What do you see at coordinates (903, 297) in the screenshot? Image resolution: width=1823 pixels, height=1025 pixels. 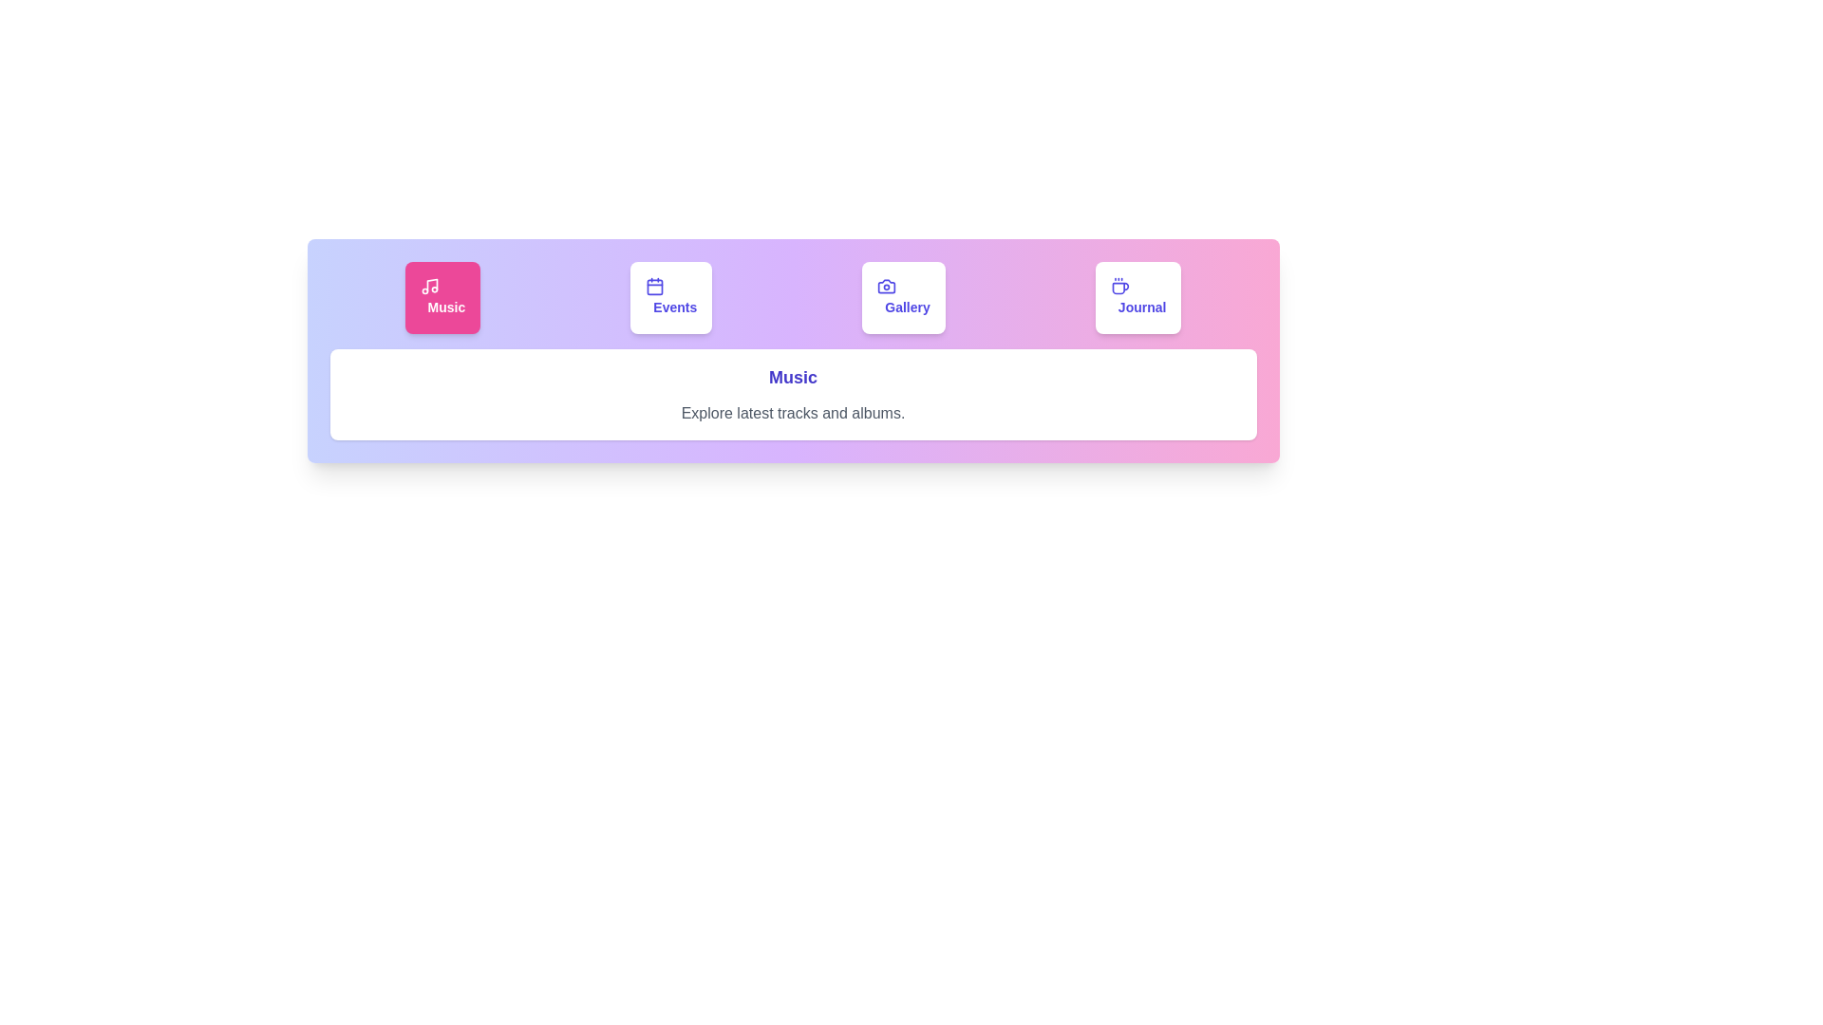 I see `the tab button labeled Gallery to observe visual feedback` at bounding box center [903, 297].